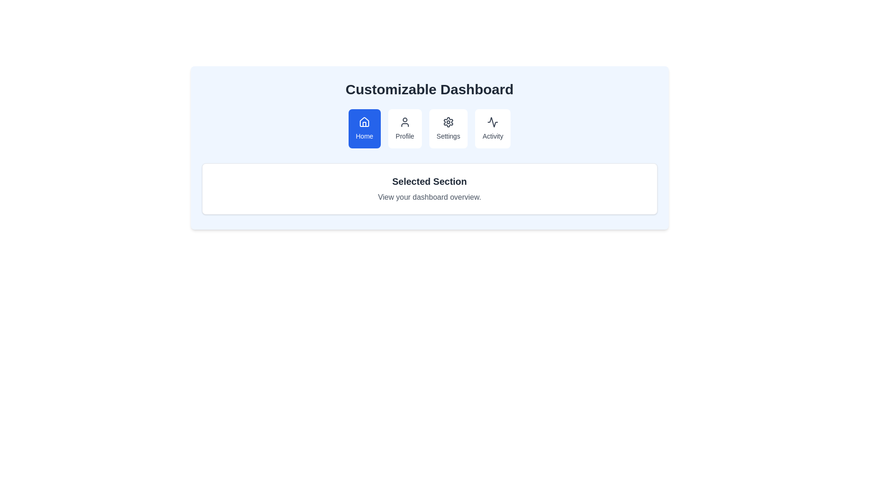 The width and height of the screenshot is (896, 504). Describe the element at coordinates (364, 136) in the screenshot. I see `the 'Home' text label, which is styled with a small font size and medium weight, located below the house-shaped icon within a blue rounded rectangular button` at that location.